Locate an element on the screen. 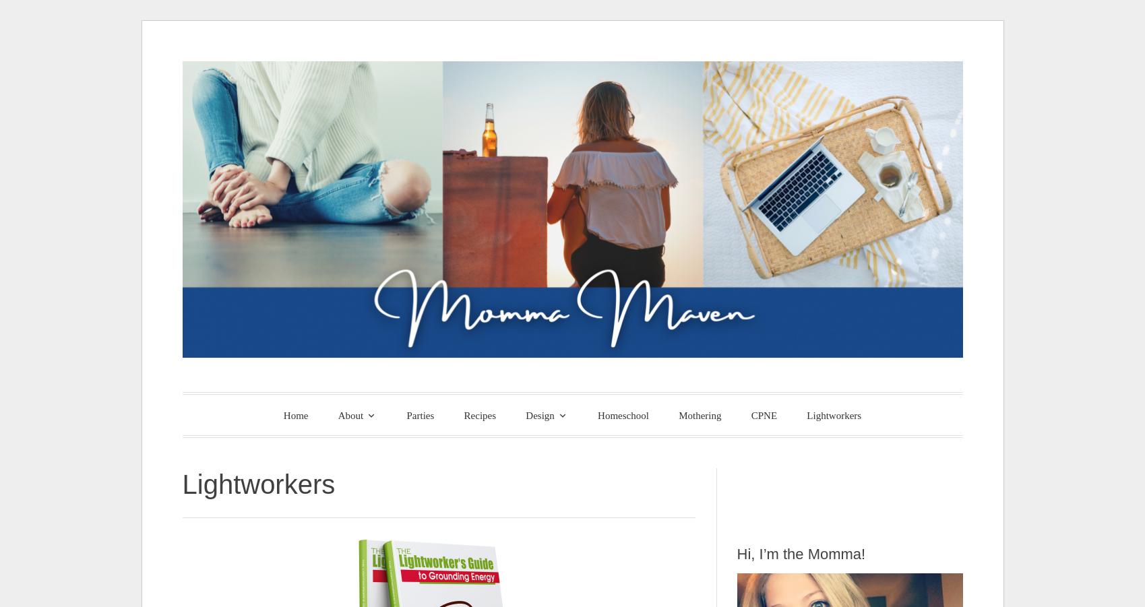 The image size is (1145, 607). 'Homeschool' is located at coordinates (622, 414).